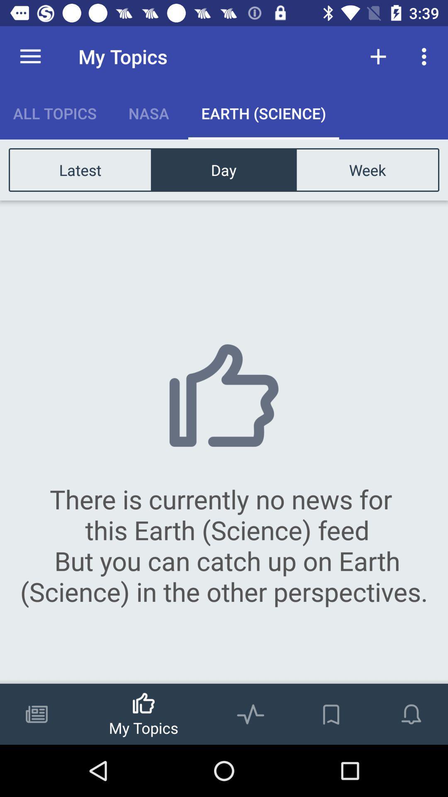 This screenshot has width=448, height=797. I want to click on item above the there is currently item, so click(223, 169).